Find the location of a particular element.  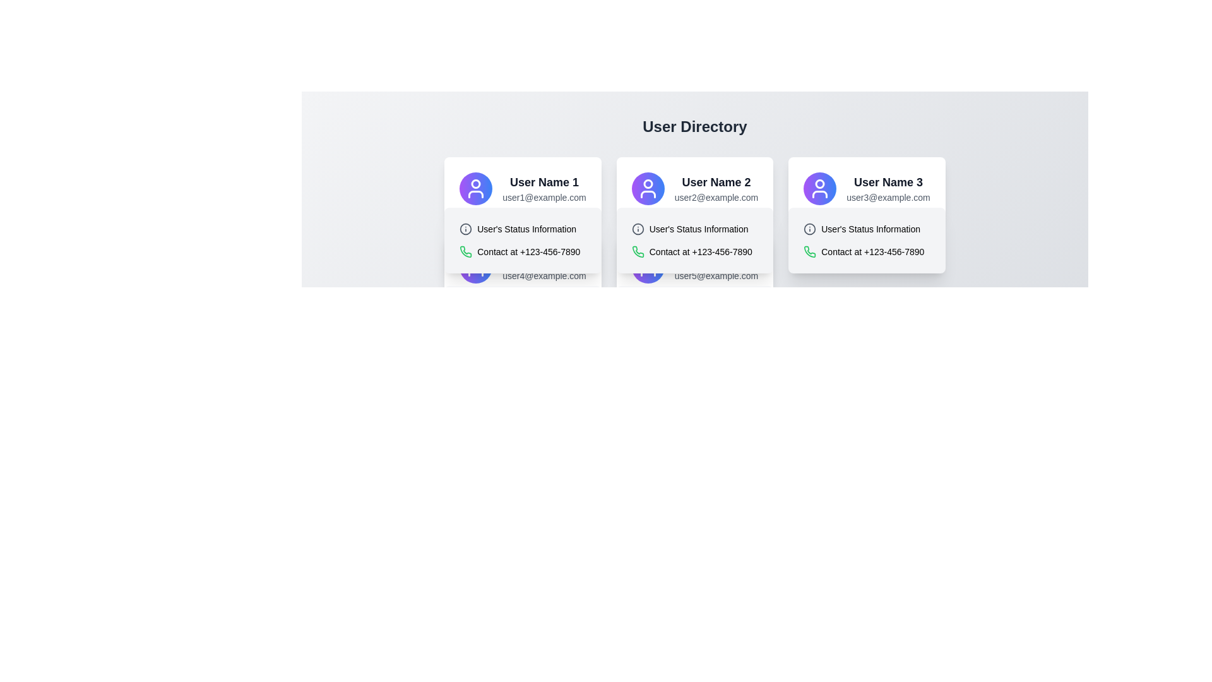

the Contact Information Display element which includes a green telephone icon and the text 'Contact at +123-456-7890' located beneath 'User's Status Information' is located at coordinates (694, 251).